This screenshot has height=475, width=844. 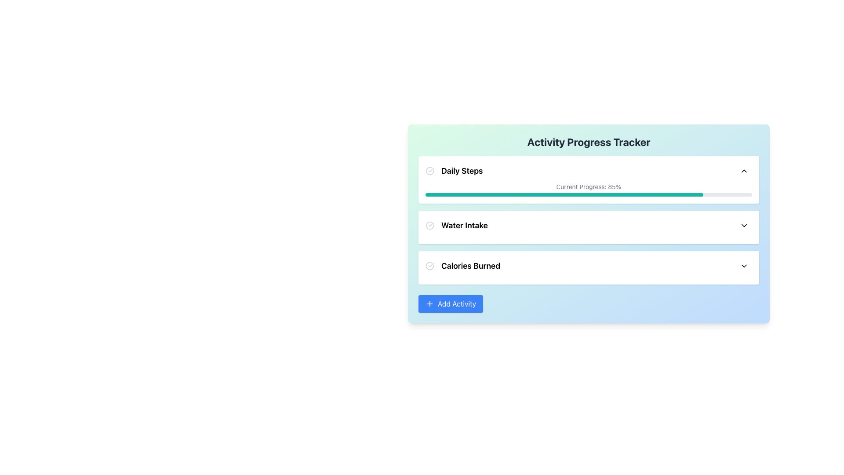 I want to click on the bold title 'Activity Progress Tracker' which is centered at the top of a gradient section, serving as a header for the content below, so click(x=589, y=142).